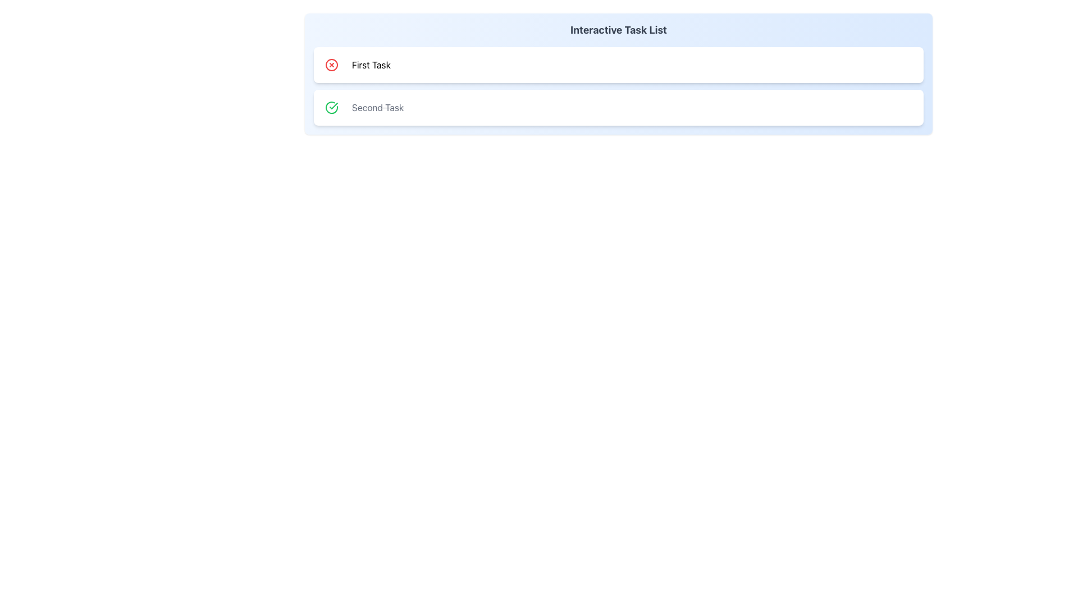 The image size is (1078, 606). What do you see at coordinates (331, 108) in the screenshot?
I see `the circular green outlined icon with a checkmark symbol, which denotes completion, located to the left of the 'Second Task' text in the task list interface` at bounding box center [331, 108].